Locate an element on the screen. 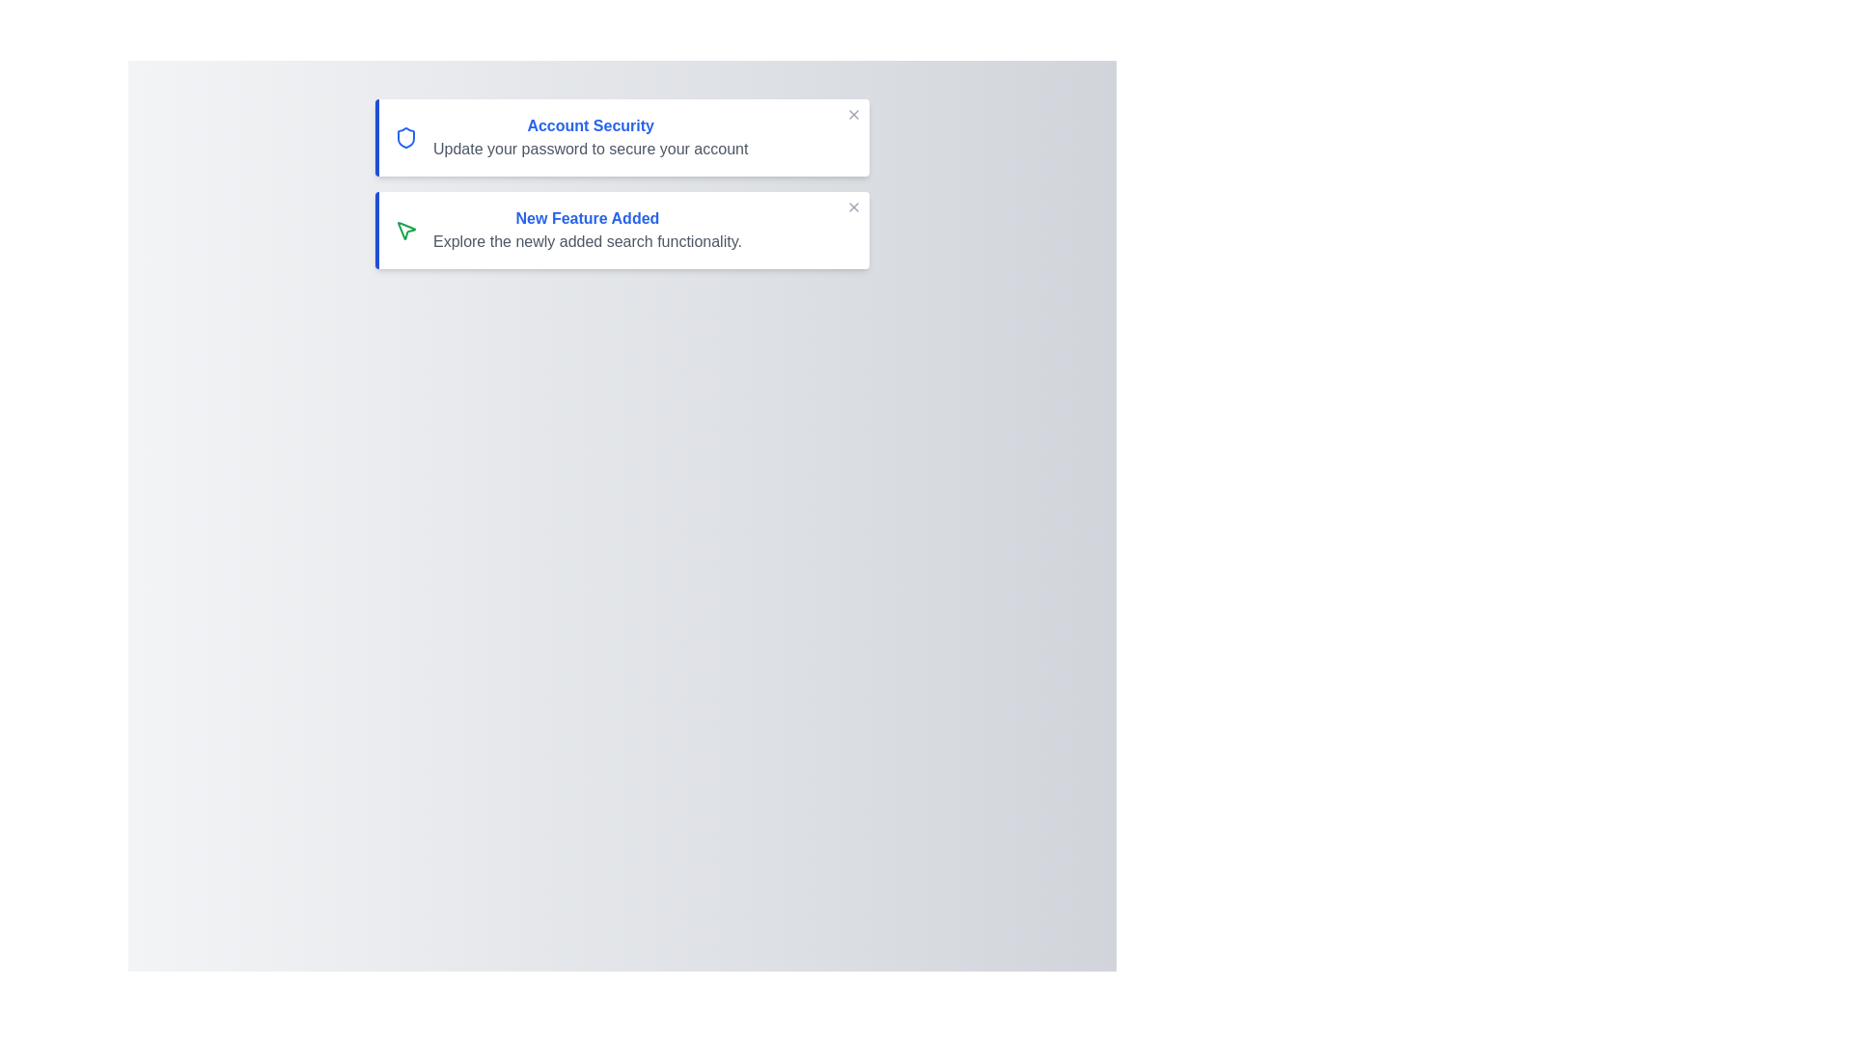 The width and height of the screenshot is (1853, 1042). close button next to the notification with title New Feature Added is located at coordinates (852, 207).